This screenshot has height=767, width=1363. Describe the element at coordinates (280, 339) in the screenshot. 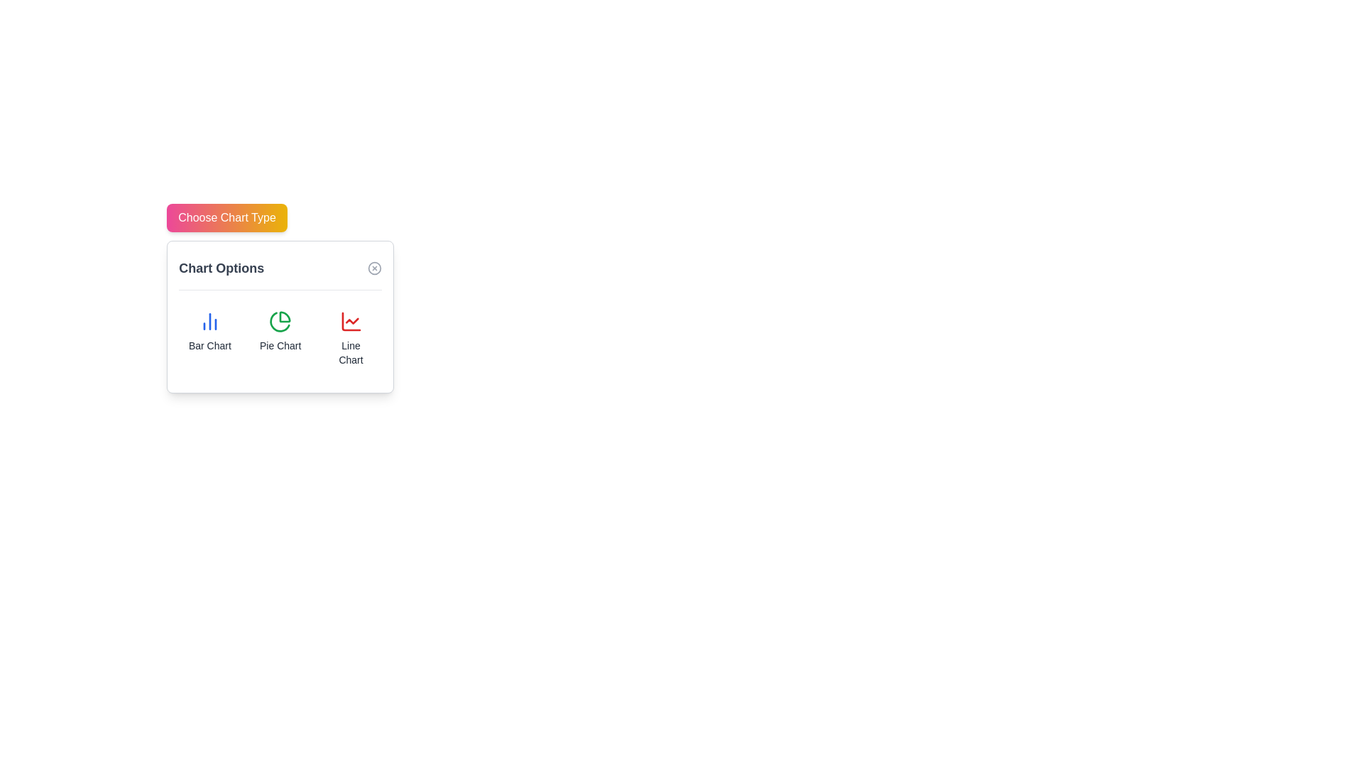

I see `the 'Pie Chart' option in the Grid of selectable options within the 'Chart Options' modal` at that location.